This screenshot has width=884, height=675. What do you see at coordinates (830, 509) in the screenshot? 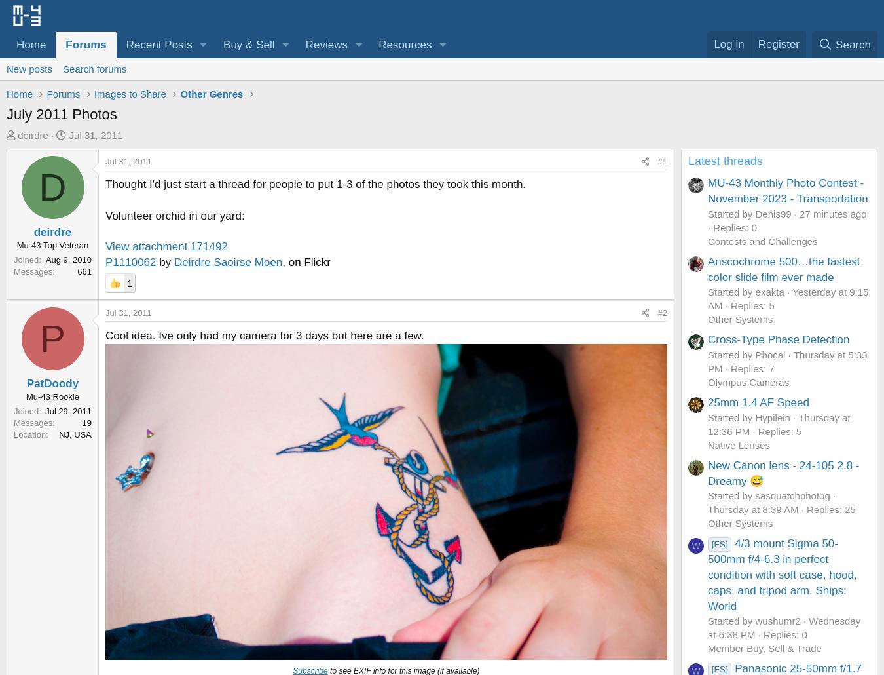
I see `'Replies: 25'` at bounding box center [830, 509].